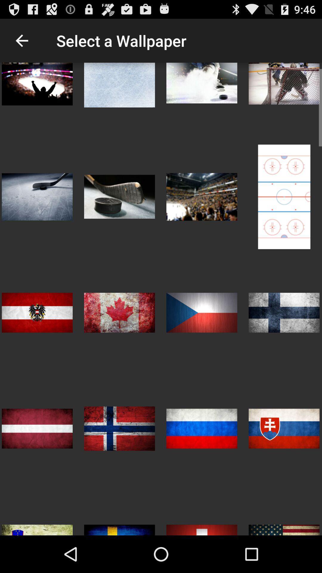 This screenshot has height=573, width=322. I want to click on app next to select a wallpaper, so click(21, 40).